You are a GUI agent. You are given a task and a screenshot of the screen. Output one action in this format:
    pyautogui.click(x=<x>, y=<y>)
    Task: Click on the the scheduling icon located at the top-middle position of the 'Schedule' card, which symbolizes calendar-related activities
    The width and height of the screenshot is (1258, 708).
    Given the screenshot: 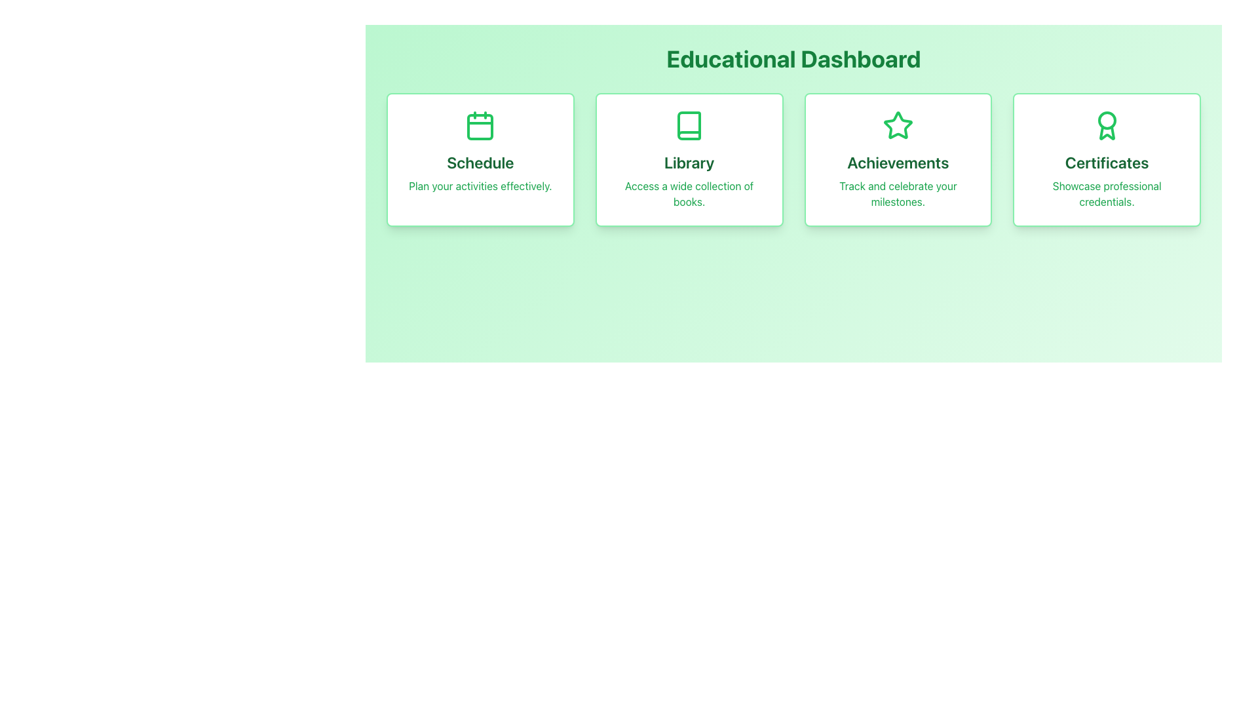 What is the action you would take?
    pyautogui.click(x=480, y=126)
    